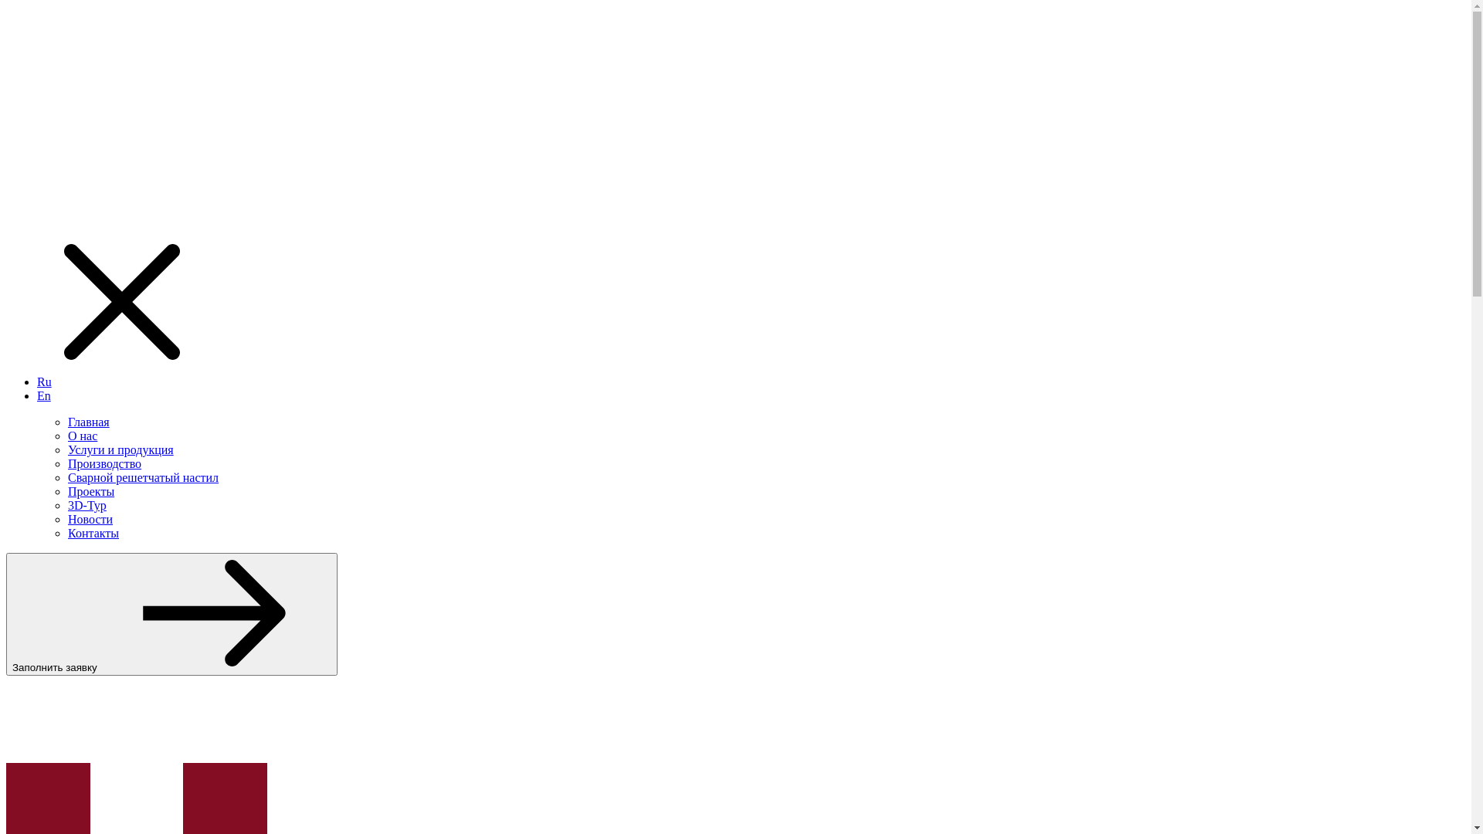  What do you see at coordinates (44, 381) in the screenshot?
I see `'Ru'` at bounding box center [44, 381].